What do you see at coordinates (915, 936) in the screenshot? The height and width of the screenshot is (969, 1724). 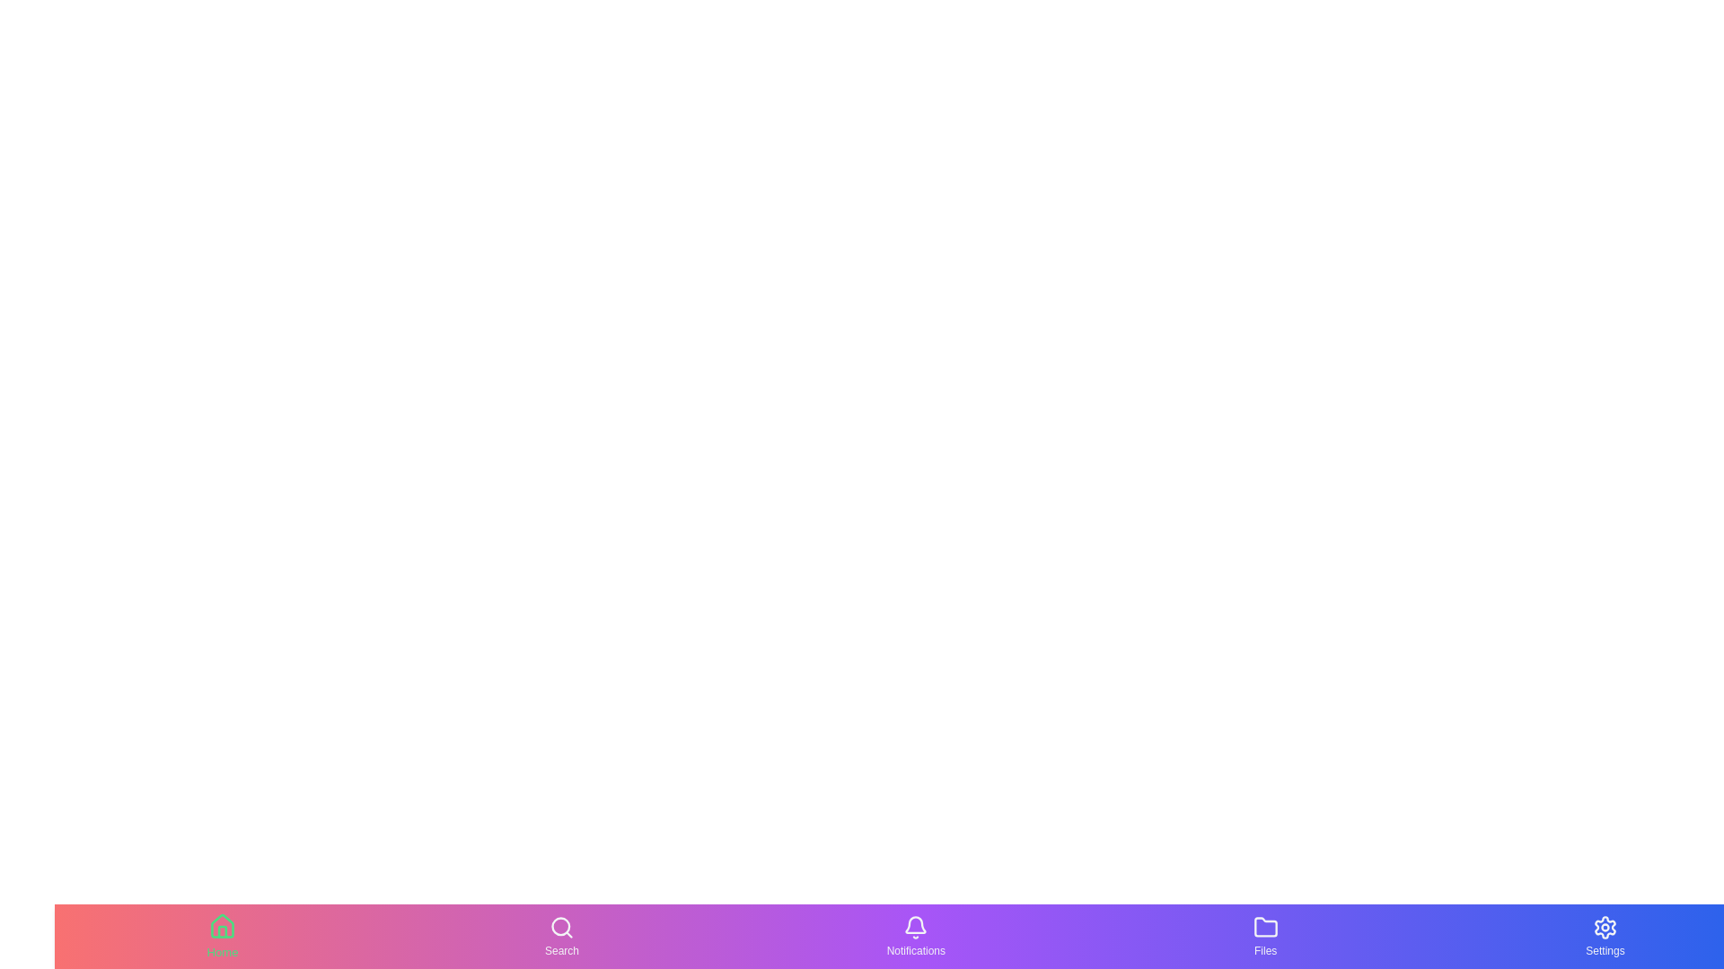 I see `the Notifications tab button to navigate to the corresponding section` at bounding box center [915, 936].